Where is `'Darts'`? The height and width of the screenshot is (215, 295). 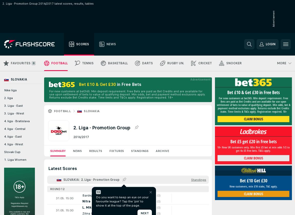 'Darts' is located at coordinates (142, 63).